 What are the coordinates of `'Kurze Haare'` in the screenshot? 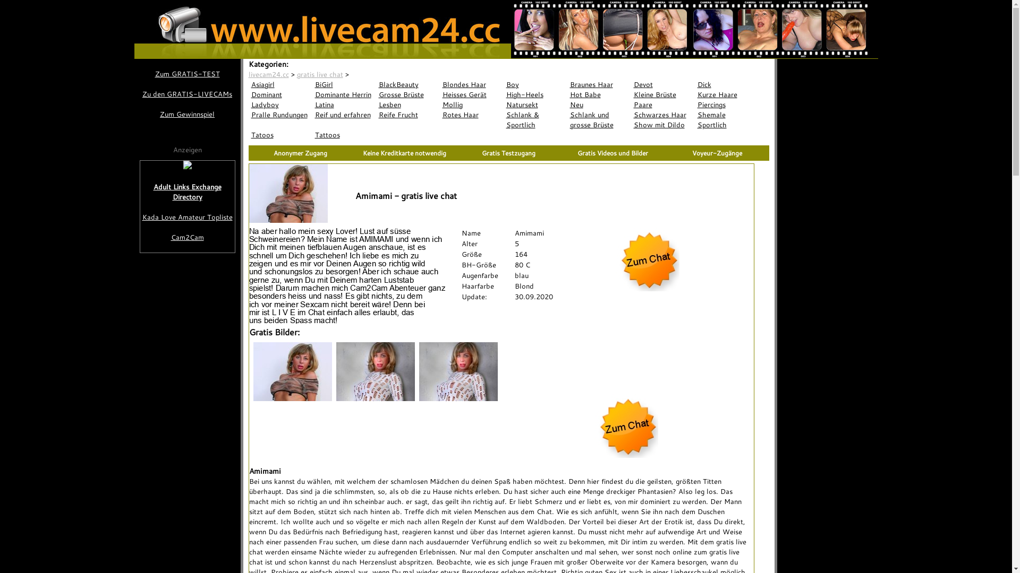 It's located at (695, 94).